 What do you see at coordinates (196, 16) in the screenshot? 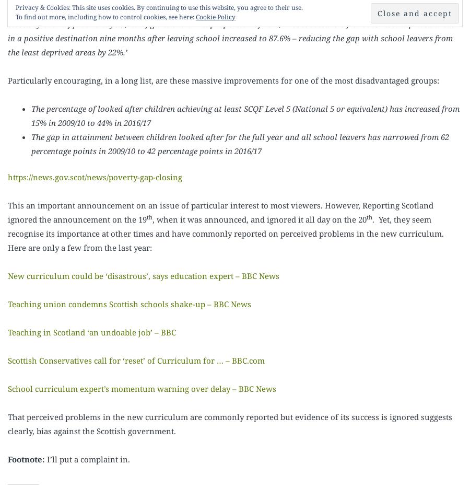
I see `'Cookie Policy'` at bounding box center [196, 16].